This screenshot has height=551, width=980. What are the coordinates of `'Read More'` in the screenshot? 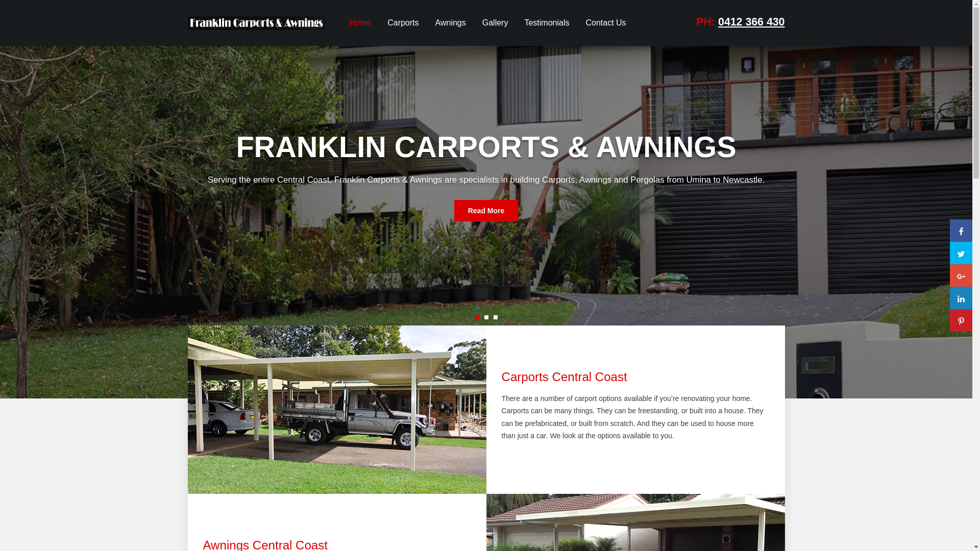 It's located at (486, 210).